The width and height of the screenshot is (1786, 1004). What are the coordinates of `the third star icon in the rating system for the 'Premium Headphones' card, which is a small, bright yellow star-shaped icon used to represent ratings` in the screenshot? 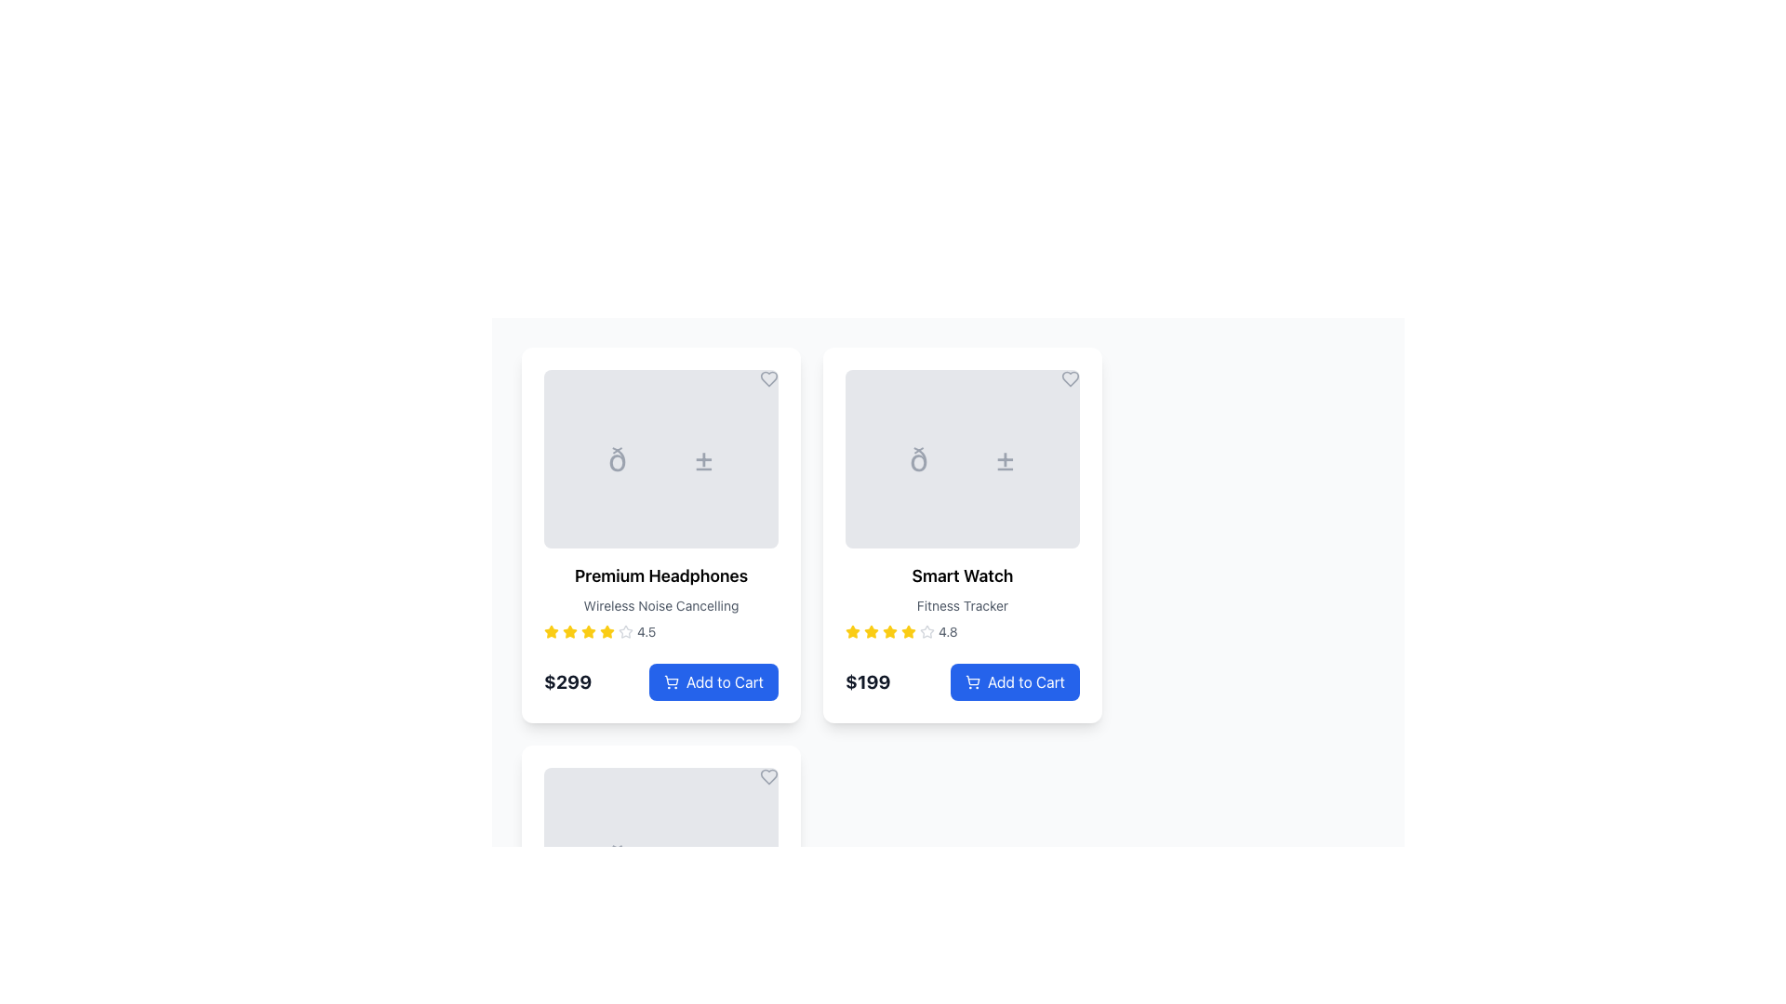 It's located at (588, 630).